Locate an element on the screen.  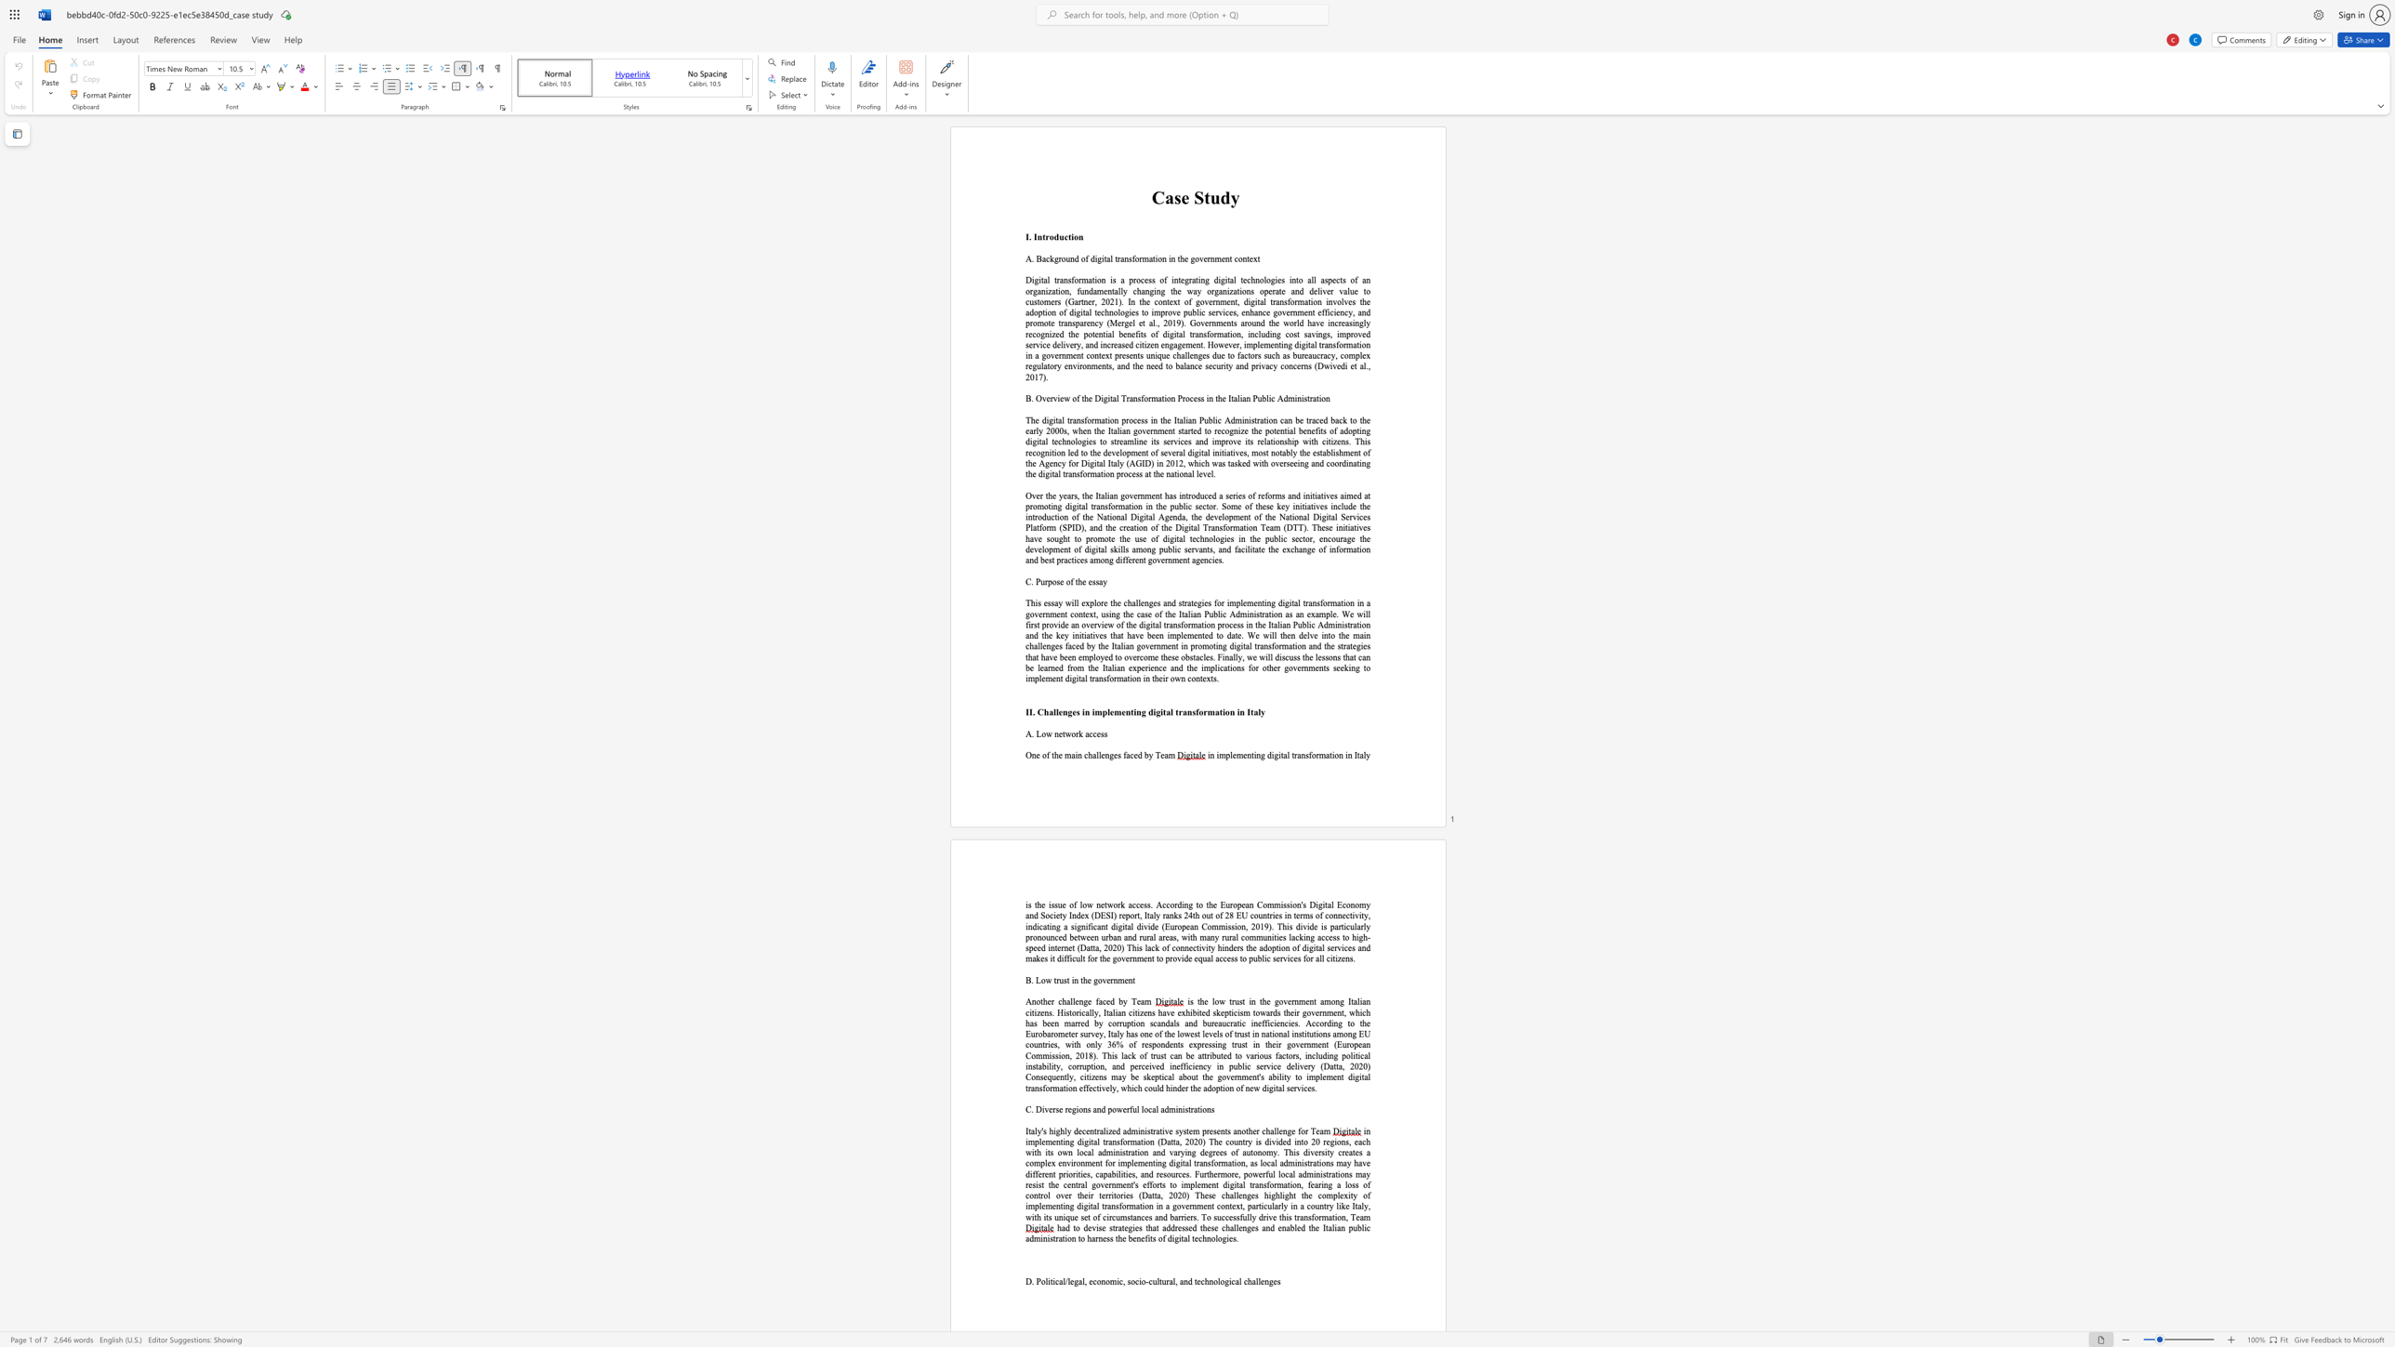
the 2th character "e" in the text is located at coordinates (1061, 397).